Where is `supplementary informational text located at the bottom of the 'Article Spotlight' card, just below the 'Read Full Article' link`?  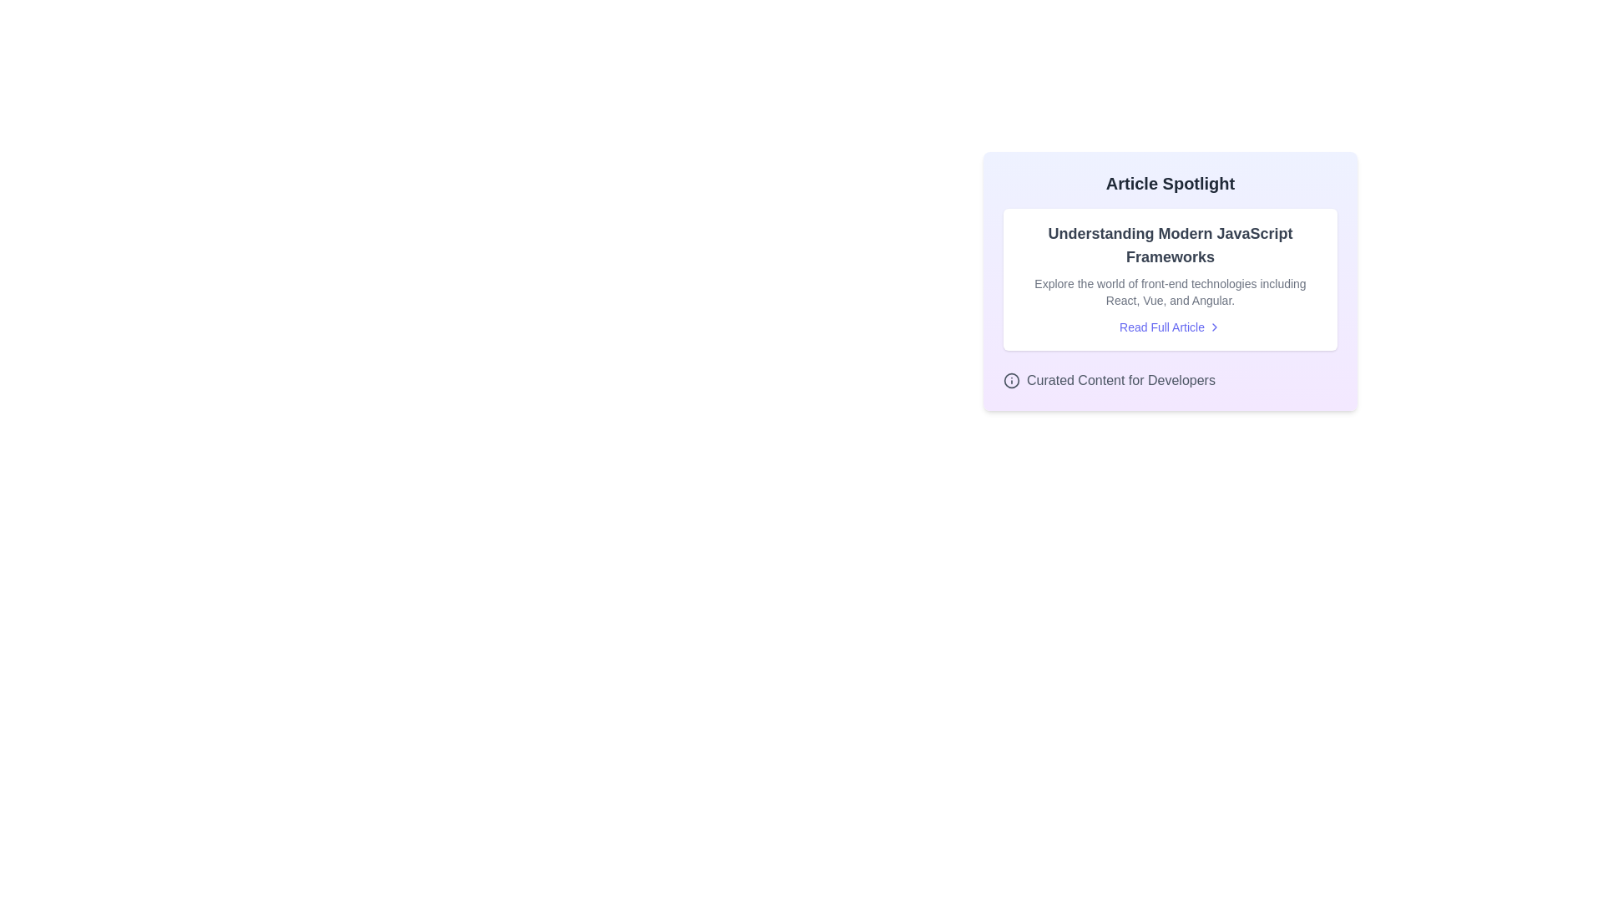
supplementary informational text located at the bottom of the 'Article Spotlight' card, just below the 'Read Full Article' link is located at coordinates (1169, 380).